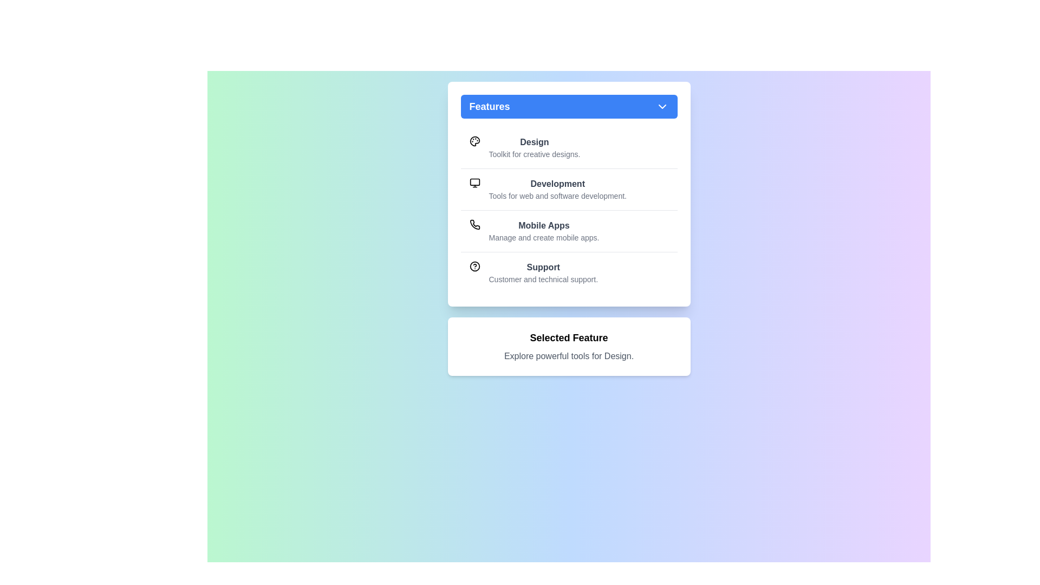  Describe the element at coordinates (474, 183) in the screenshot. I see `the icon for the feature Development` at that location.